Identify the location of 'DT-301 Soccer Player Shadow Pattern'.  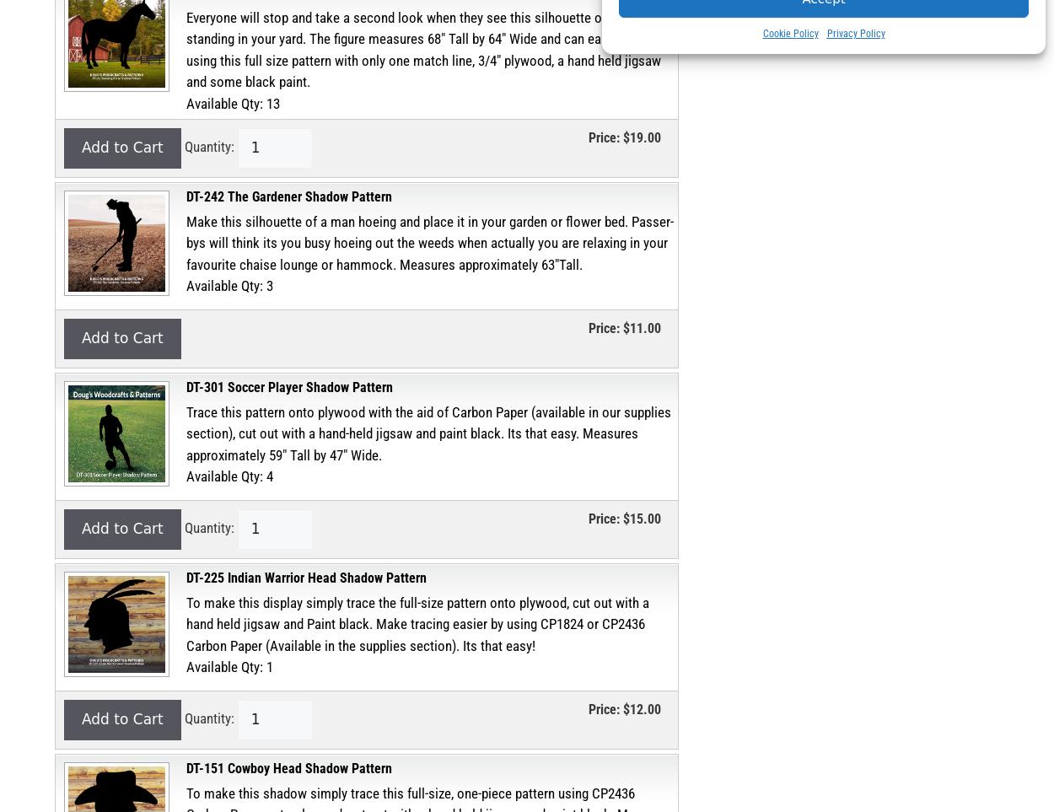
(186, 385).